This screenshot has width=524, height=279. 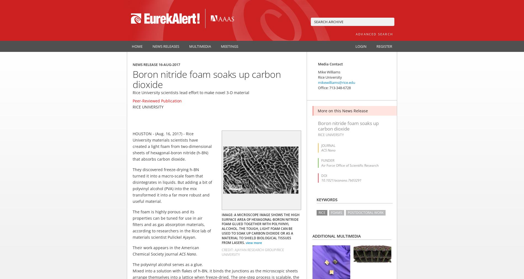 What do you see at coordinates (321, 145) in the screenshot?
I see `'Journal'` at bounding box center [321, 145].